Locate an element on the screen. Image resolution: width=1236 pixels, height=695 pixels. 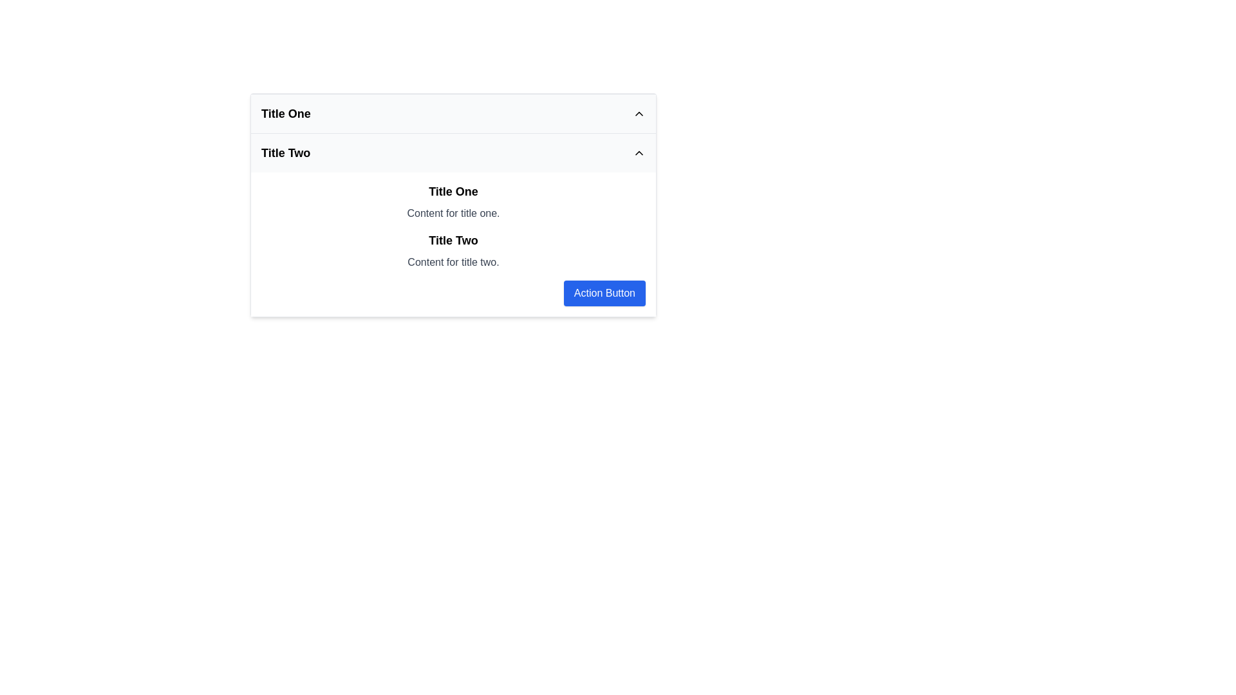
the upward chevron icon located in the top-right area of the 'Title One' section is located at coordinates (639, 113).